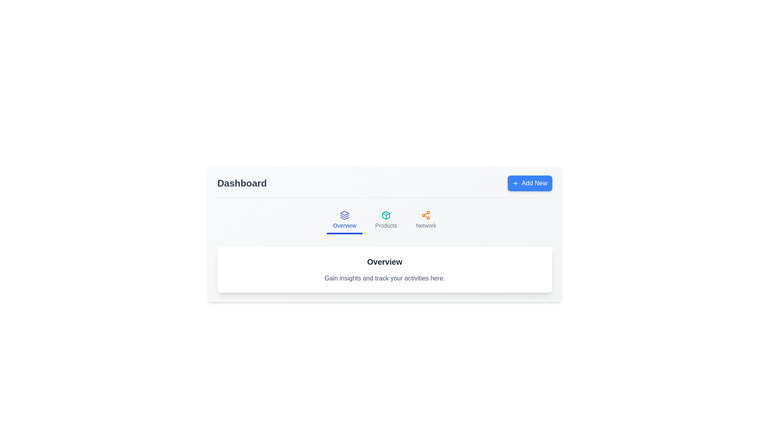 The width and height of the screenshot is (758, 426). Describe the element at coordinates (345, 220) in the screenshot. I see `the Overview tab` at that location.